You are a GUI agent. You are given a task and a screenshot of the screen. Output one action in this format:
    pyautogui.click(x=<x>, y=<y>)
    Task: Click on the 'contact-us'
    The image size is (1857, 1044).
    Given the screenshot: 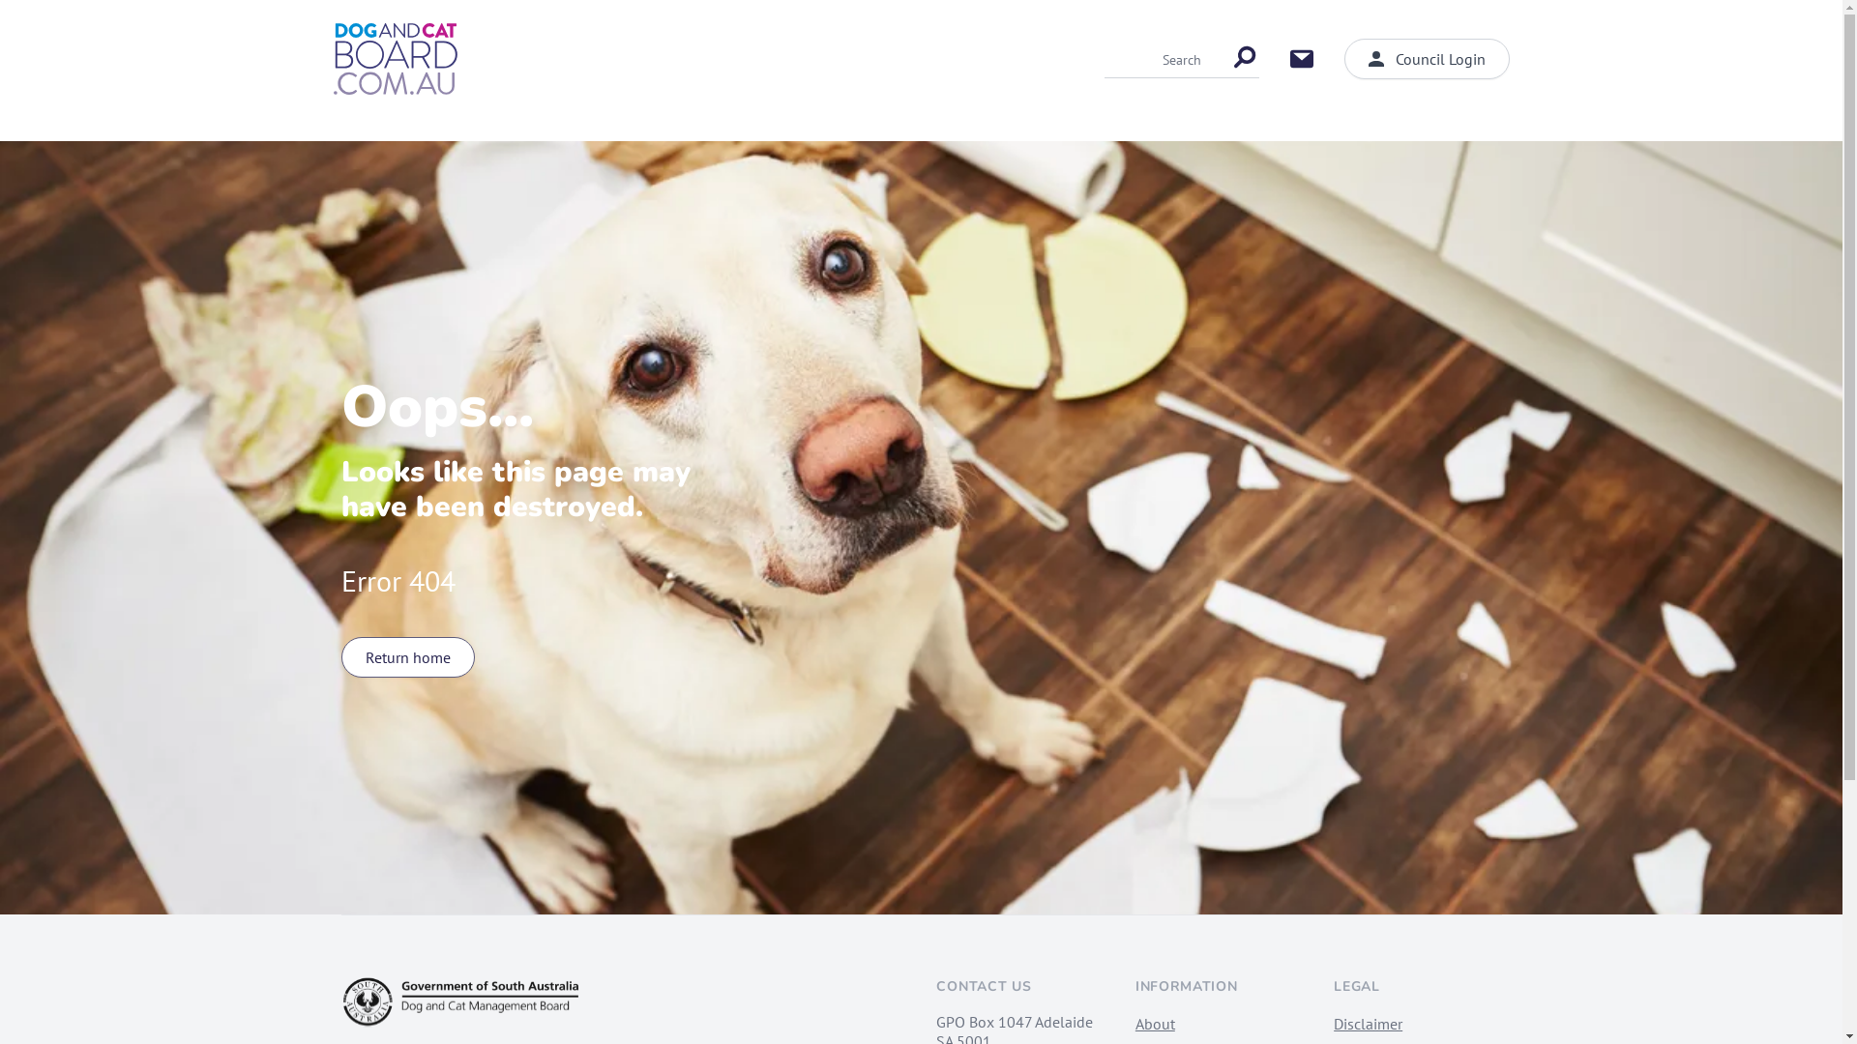 What is the action you would take?
    pyautogui.click(x=1301, y=58)
    